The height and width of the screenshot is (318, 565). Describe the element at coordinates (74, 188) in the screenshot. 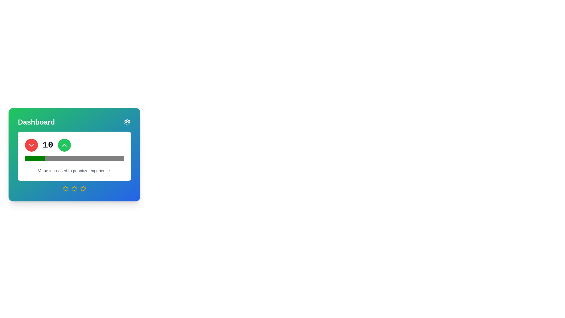

I see `the third yellow star icon with a hollow center, outlined in yellow on a blue background, located at the bottom center of the colored card UI for more information` at that location.